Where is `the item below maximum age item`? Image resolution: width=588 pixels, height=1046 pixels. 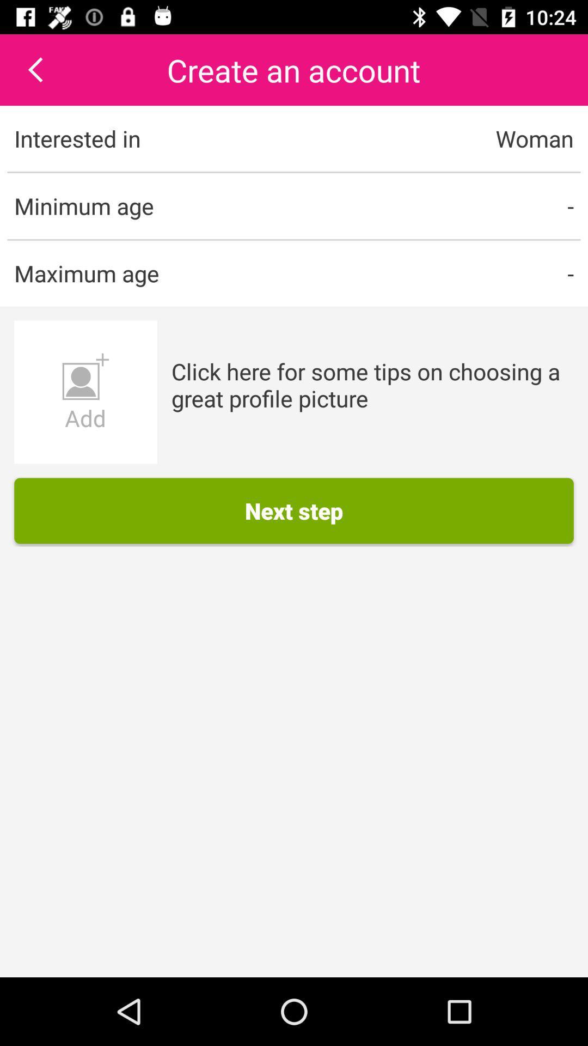 the item below maximum age item is located at coordinates (85, 392).